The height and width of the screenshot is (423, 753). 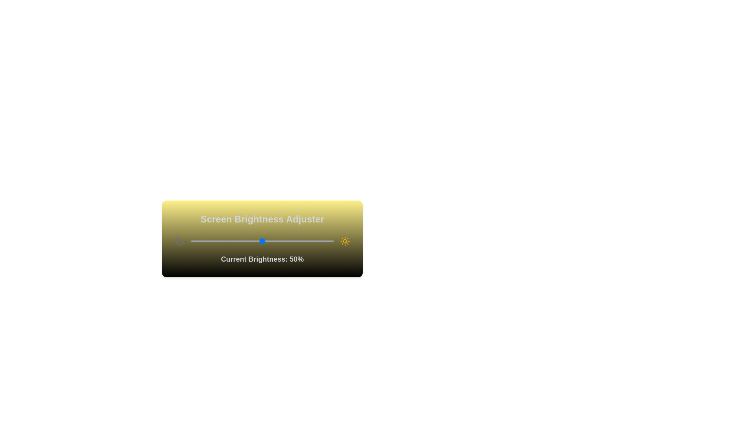 What do you see at coordinates (345, 241) in the screenshot?
I see `the 'Sun' icon to adjust brightness to maximum` at bounding box center [345, 241].